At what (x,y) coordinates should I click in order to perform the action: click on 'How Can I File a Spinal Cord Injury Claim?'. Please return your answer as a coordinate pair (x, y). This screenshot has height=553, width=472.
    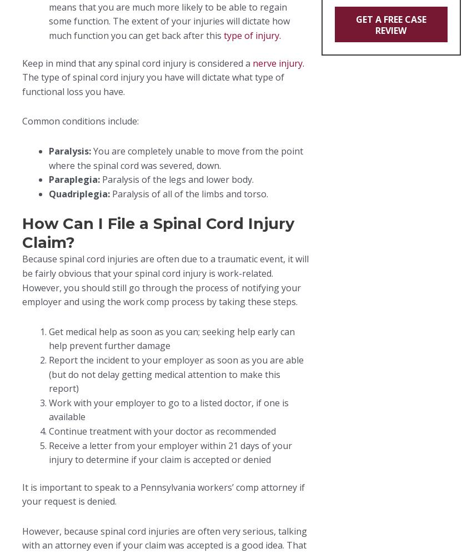
    Looking at the image, I should click on (158, 233).